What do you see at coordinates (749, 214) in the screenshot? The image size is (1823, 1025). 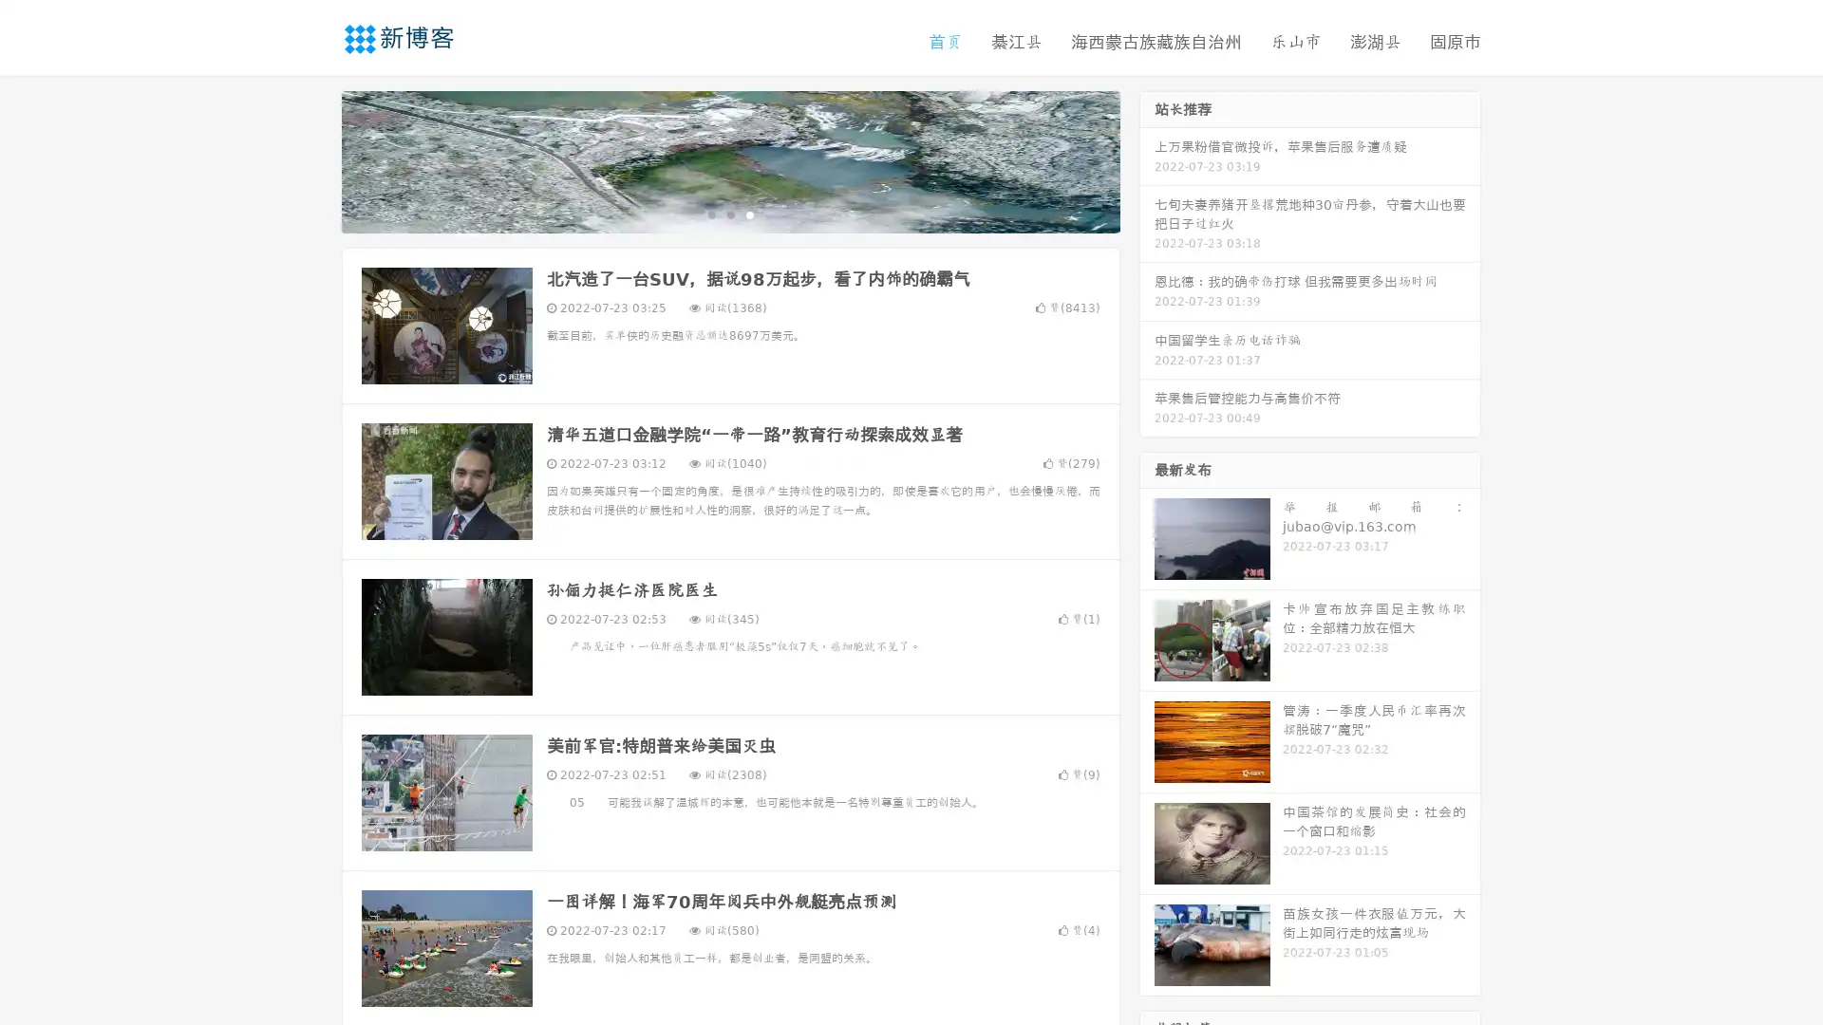 I see `Go to slide 3` at bounding box center [749, 214].